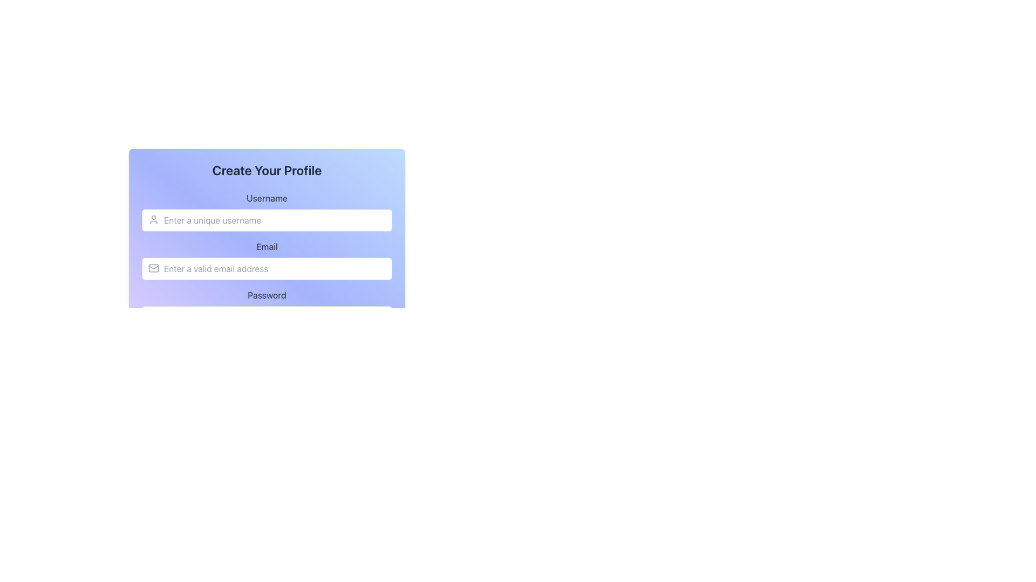 This screenshot has height=582, width=1036. Describe the element at coordinates (267, 198) in the screenshot. I see `label that indicates the purpose of the input field for the username, which is positioned above the input field in the form entry section` at that location.